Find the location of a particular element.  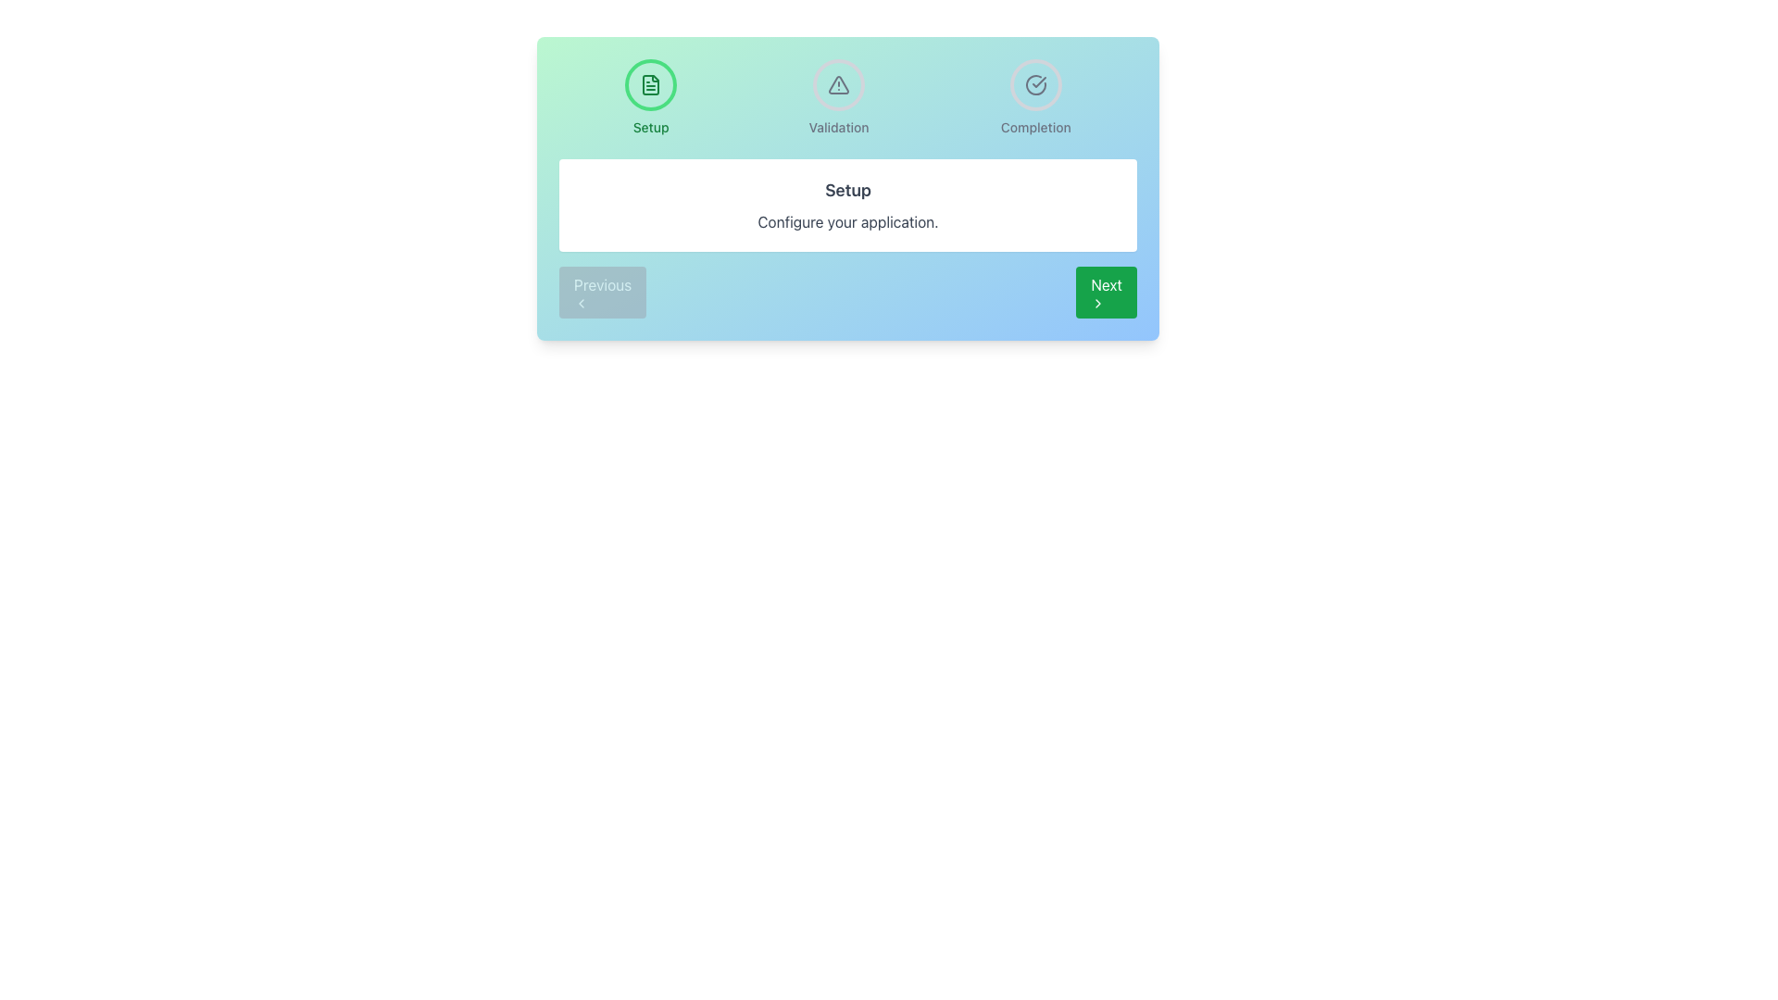

the circular icon with a checkmark symbol, which is the third in a sequence of three status markers aligned horizontally at the top of the interface is located at coordinates (1034, 85).